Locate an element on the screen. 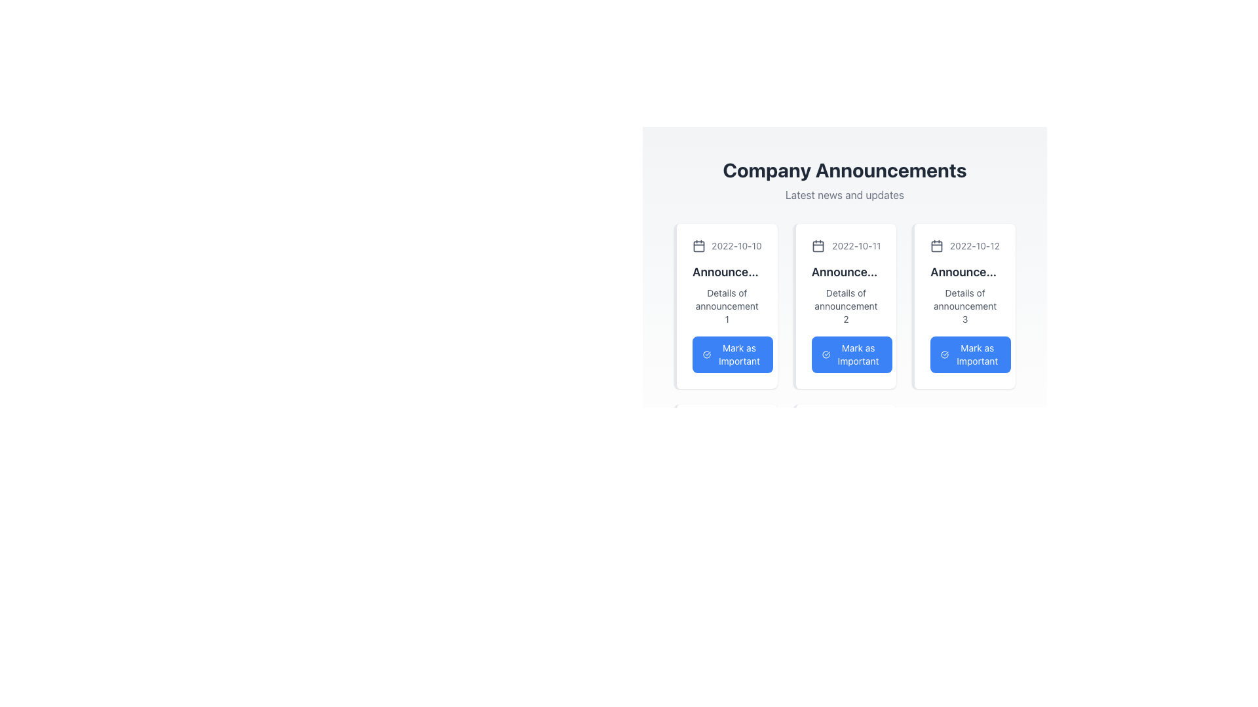 Image resolution: width=1258 pixels, height=707 pixels. the 'Mark as Important' button icon located to the left of the text within the second card of a three-card layout to mark the associated item as important is located at coordinates (825, 355).